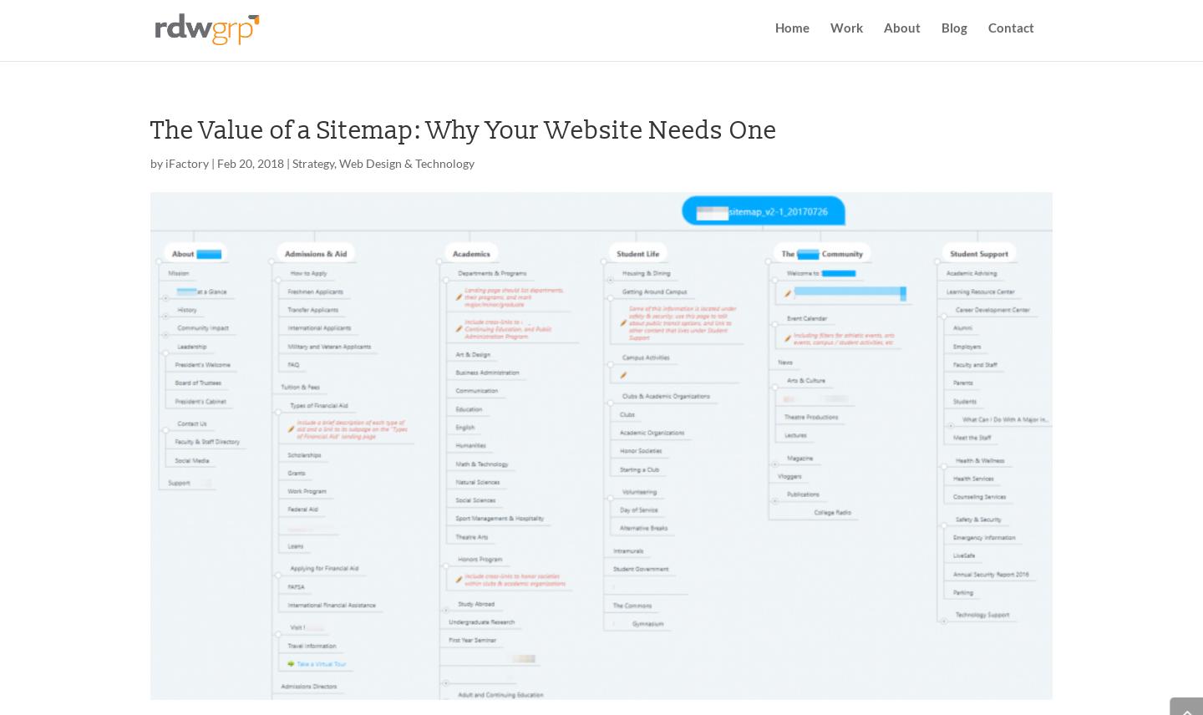 This screenshot has height=715, width=1203. I want to click on 'The Value of a Sitemap: Why Your Website Needs One', so click(463, 130).